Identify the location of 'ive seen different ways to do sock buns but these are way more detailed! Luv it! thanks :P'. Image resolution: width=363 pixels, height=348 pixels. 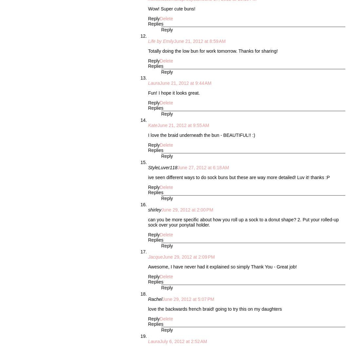
(238, 176).